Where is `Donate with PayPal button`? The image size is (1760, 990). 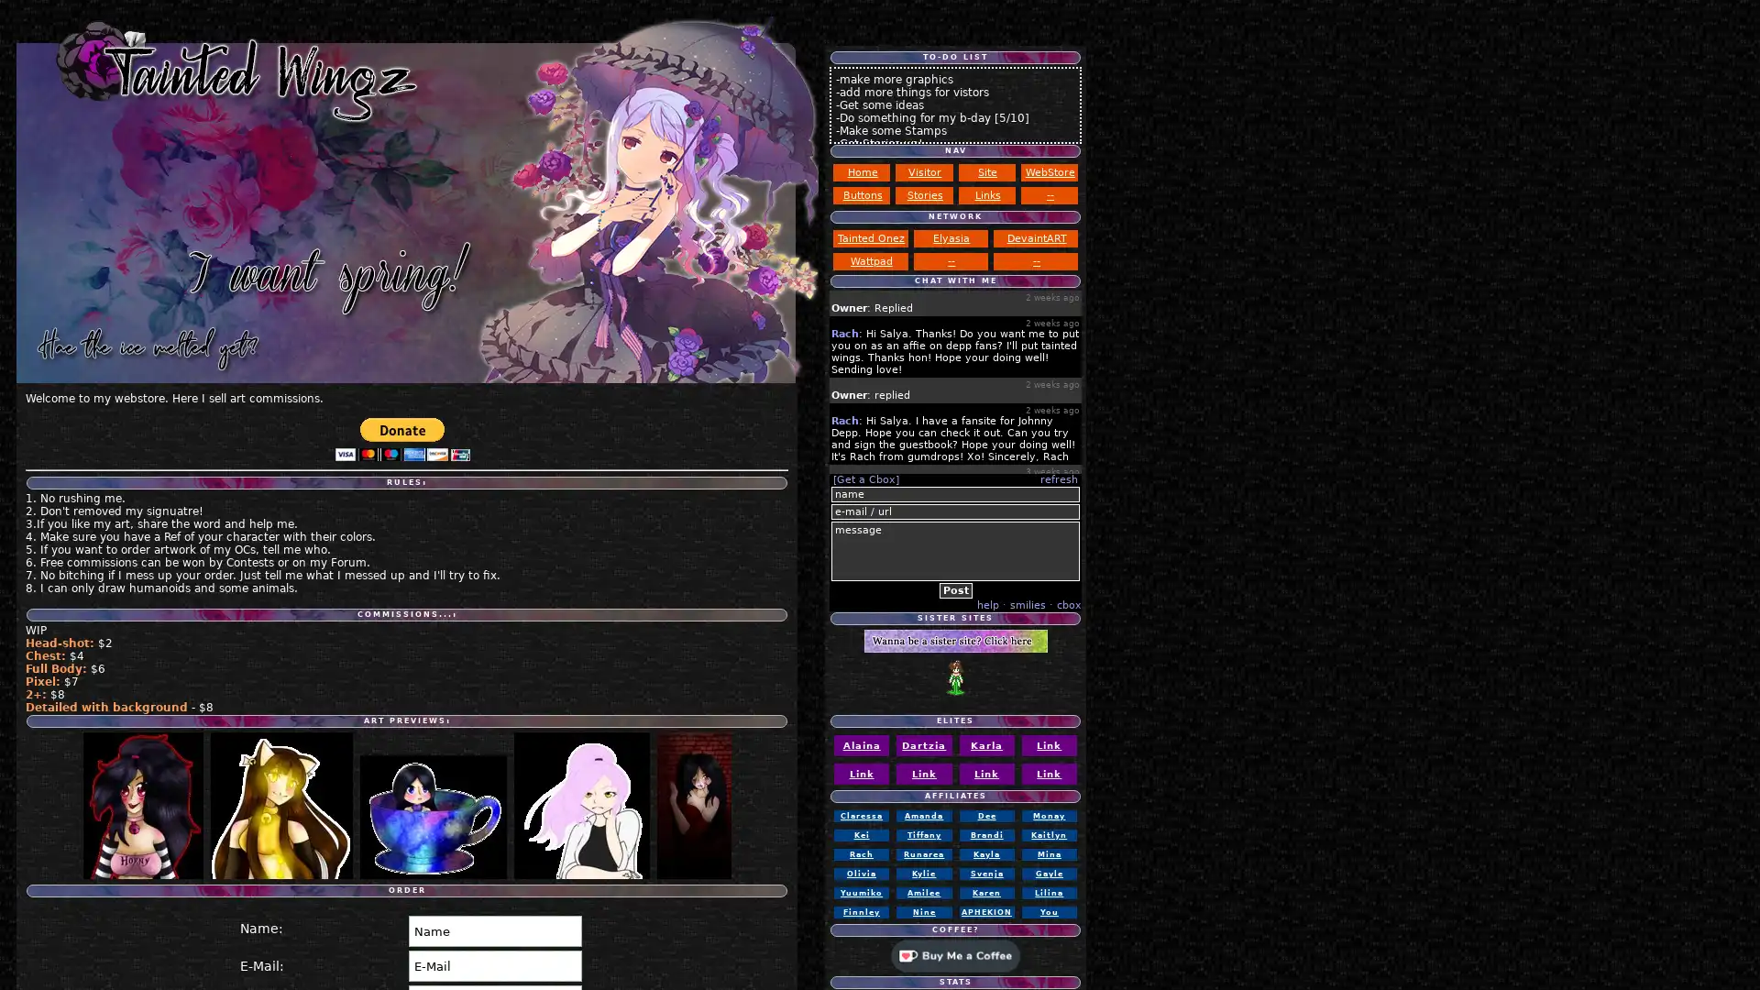
Donate with PayPal button is located at coordinates (401, 439).